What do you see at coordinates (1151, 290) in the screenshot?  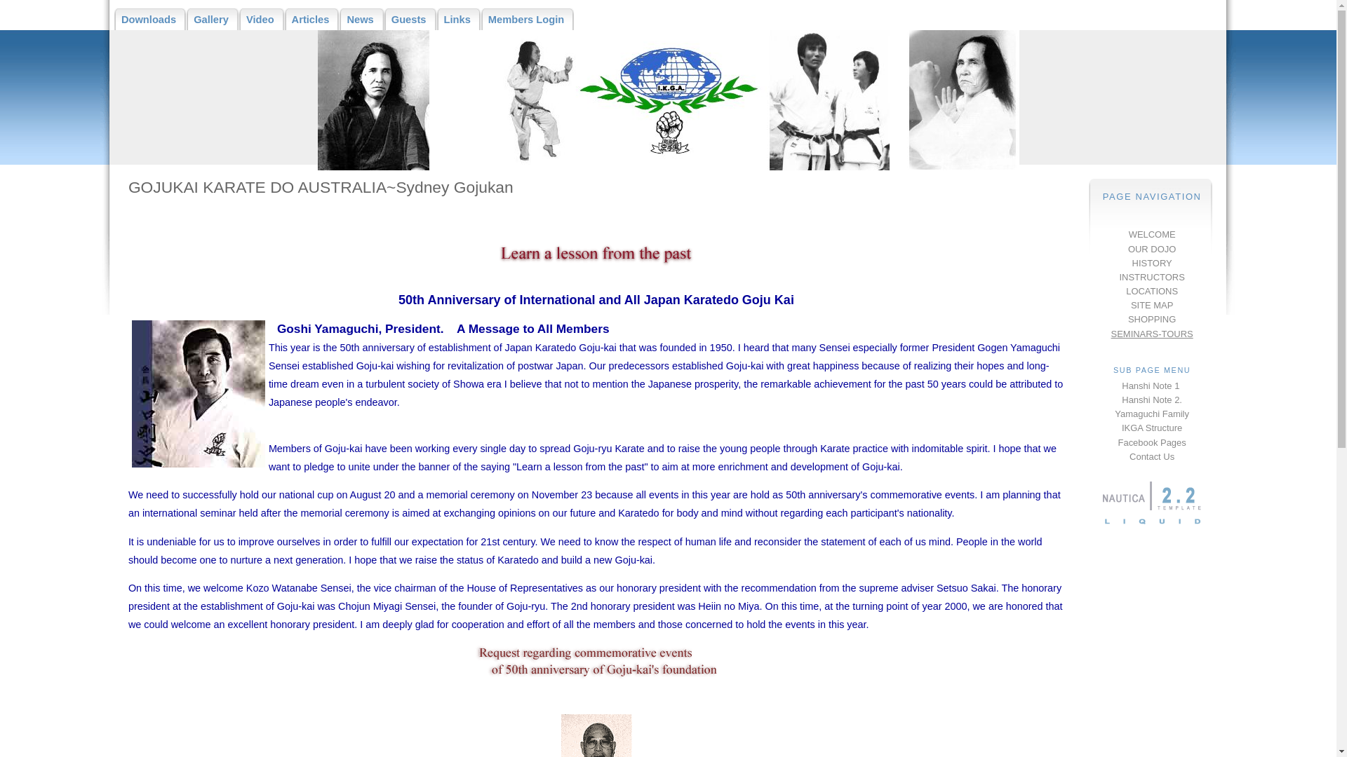 I see `'LOCATIONS'` at bounding box center [1151, 290].